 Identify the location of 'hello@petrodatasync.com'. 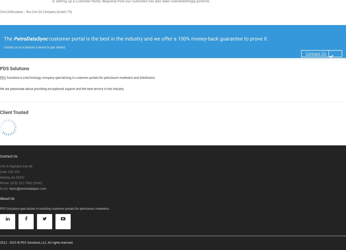
(28, 188).